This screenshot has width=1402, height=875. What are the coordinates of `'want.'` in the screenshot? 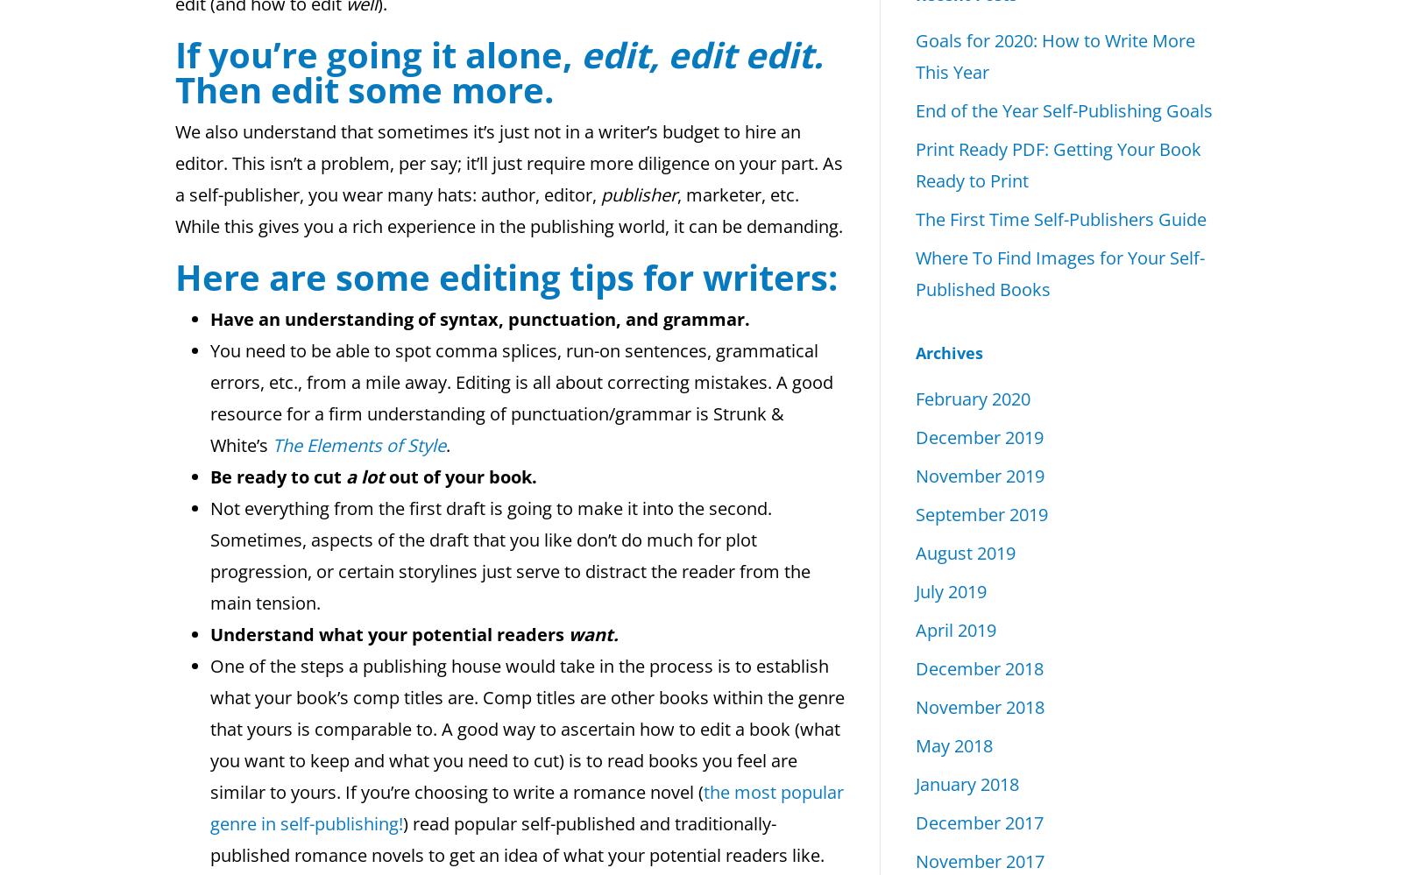 It's located at (593, 633).